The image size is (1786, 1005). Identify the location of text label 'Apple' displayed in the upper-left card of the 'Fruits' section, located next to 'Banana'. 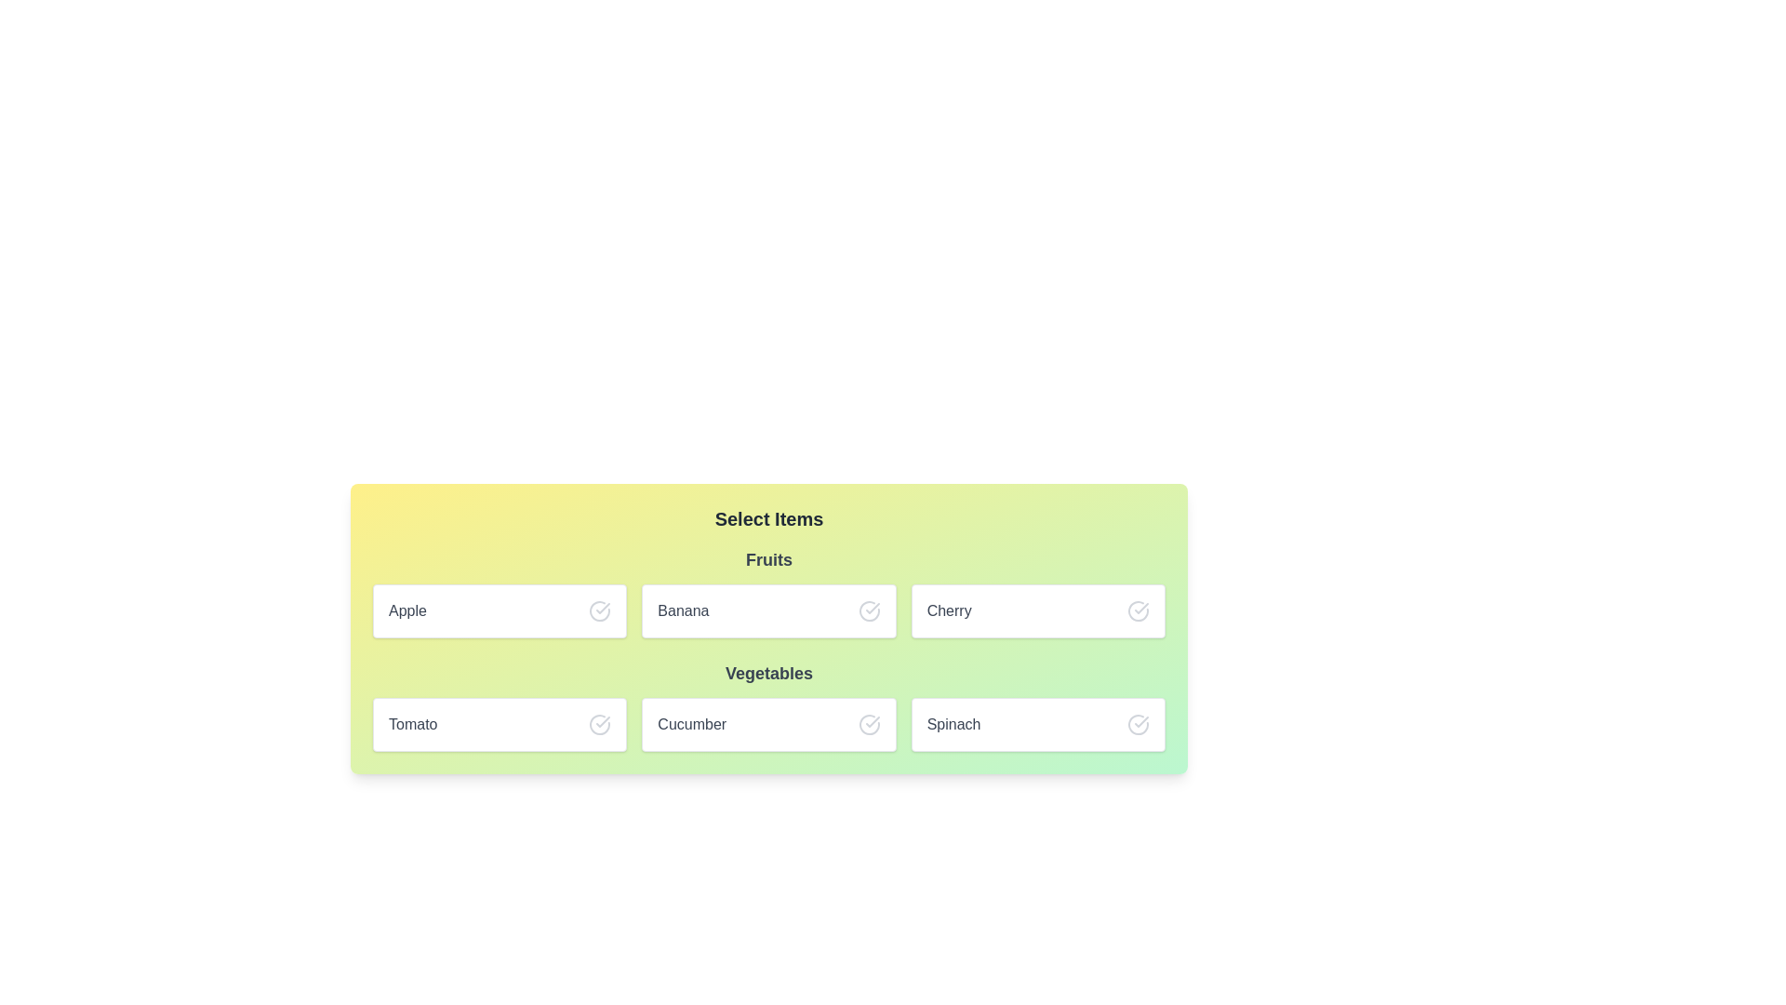
(407, 610).